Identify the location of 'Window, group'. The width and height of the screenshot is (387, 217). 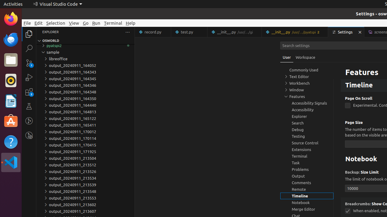
(307, 90).